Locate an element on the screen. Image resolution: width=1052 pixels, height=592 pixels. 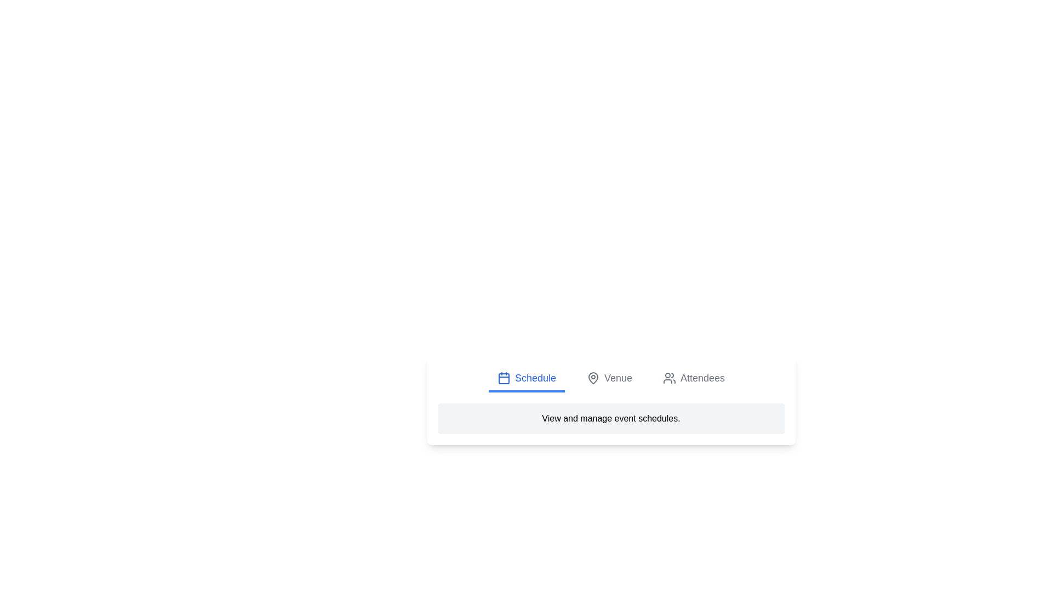
the Venue tab by clicking on it is located at coordinates (609, 378).